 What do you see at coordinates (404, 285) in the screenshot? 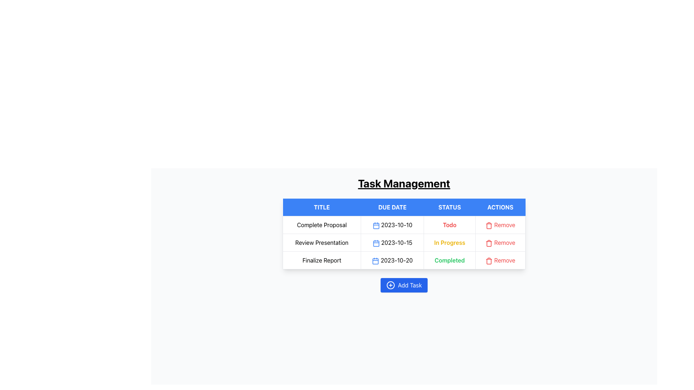
I see `the 'Add Task' button located below the 'Task Management' table` at bounding box center [404, 285].